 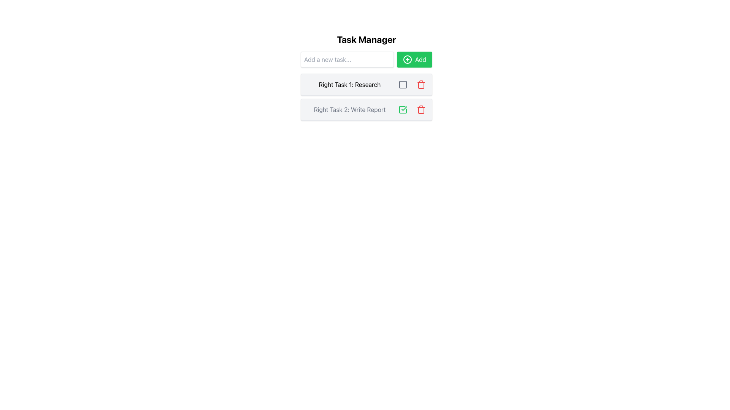 I want to click on the checkbox icon next to the task 'Right Task 1: Research', so click(x=403, y=85).